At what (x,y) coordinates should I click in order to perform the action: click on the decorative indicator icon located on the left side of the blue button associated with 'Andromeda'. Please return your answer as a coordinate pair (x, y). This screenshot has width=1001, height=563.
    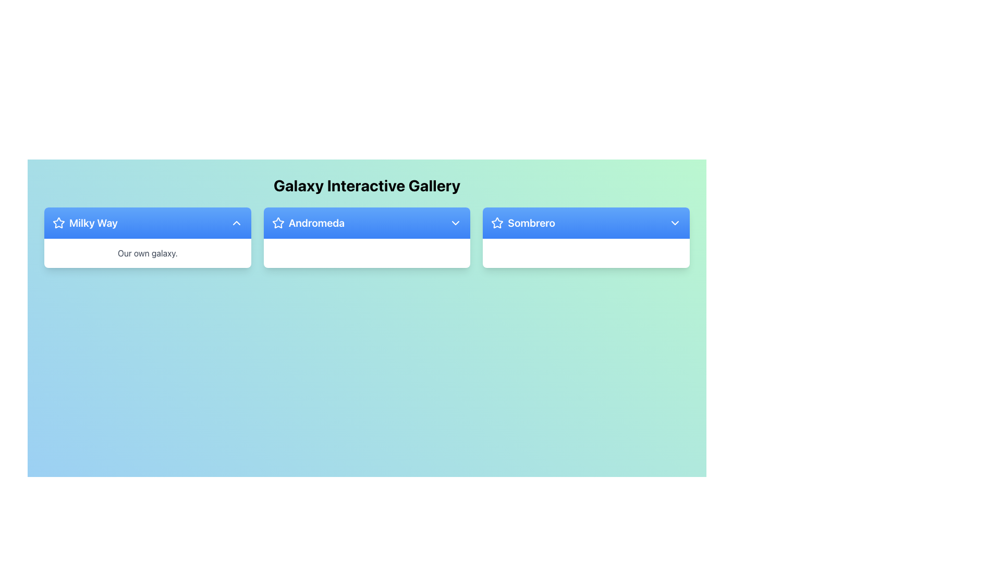
    Looking at the image, I should click on (278, 222).